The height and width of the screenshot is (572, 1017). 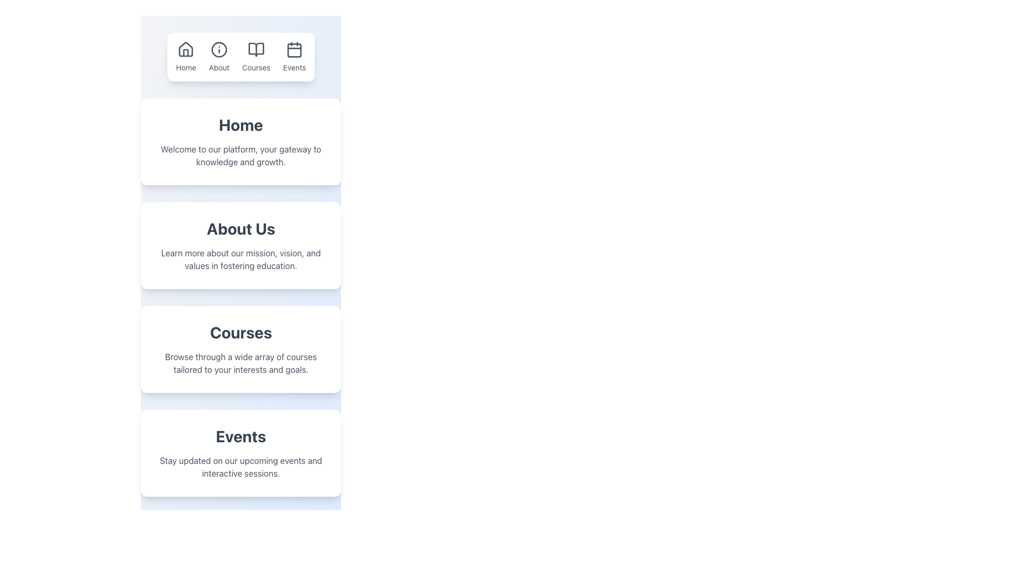 I want to click on the 'Courses' link in the navigation bar, which features a line-art open book icon above the text in a small sans-serif font, so click(x=256, y=57).